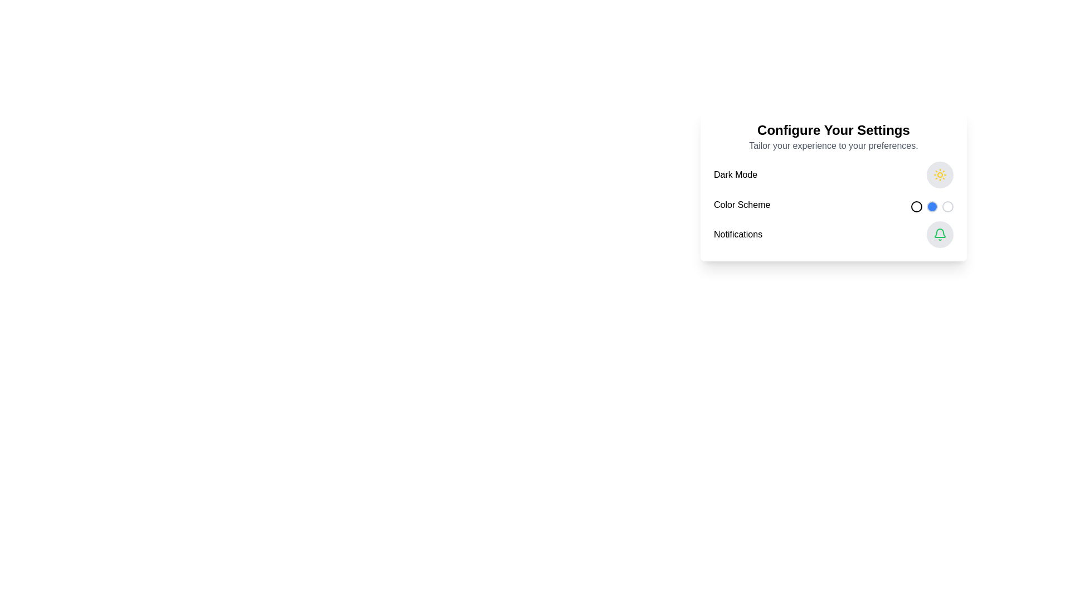 This screenshot has height=602, width=1070. Describe the element at coordinates (742, 205) in the screenshot. I see `the static text label displaying 'Color Scheme', which is positioned under the 'Dark Mode' label and to the left of the color scheme option buttons` at that location.